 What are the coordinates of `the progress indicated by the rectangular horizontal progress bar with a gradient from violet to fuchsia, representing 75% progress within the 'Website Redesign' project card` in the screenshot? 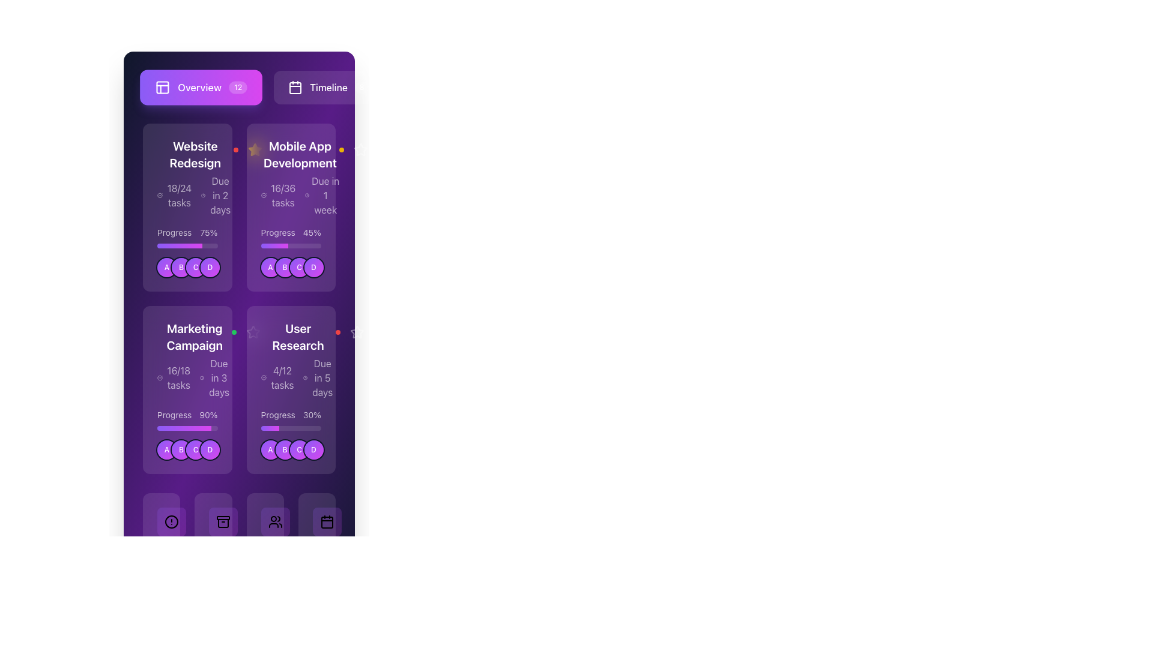 It's located at (179, 245).